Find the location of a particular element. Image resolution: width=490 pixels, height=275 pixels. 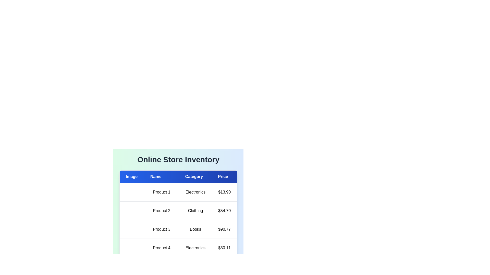

the image placeholder of product Product 2 is located at coordinates (126, 211).